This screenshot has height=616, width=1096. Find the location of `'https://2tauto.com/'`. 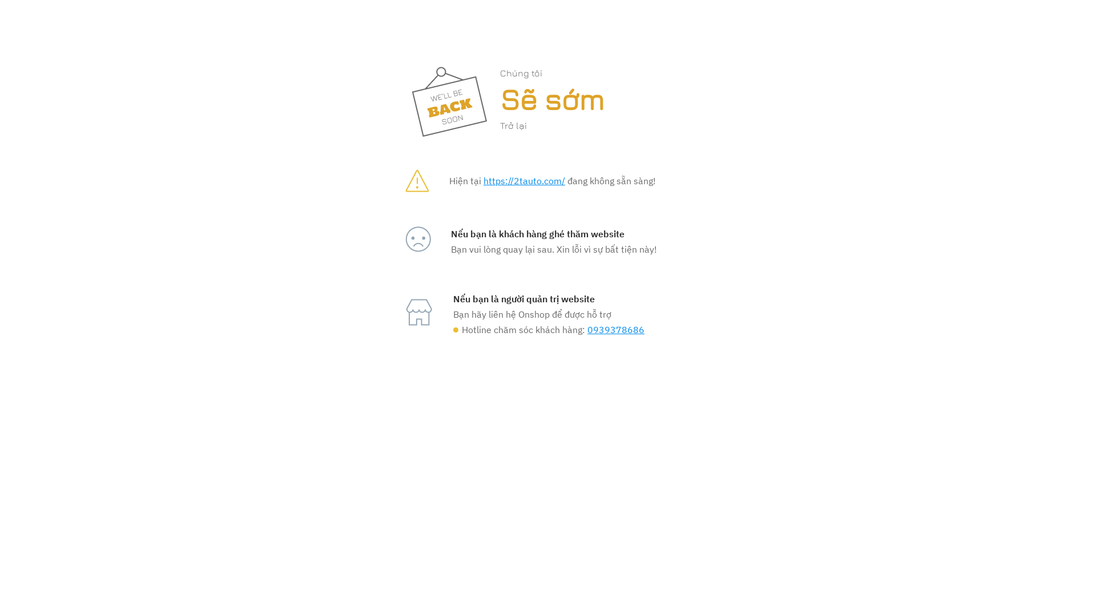

'https://2tauto.com/' is located at coordinates (483, 180).